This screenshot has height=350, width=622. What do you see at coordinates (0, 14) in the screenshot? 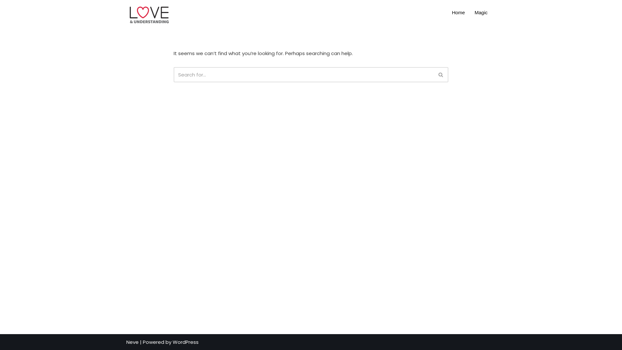
I see `'Skip to content'` at bounding box center [0, 14].